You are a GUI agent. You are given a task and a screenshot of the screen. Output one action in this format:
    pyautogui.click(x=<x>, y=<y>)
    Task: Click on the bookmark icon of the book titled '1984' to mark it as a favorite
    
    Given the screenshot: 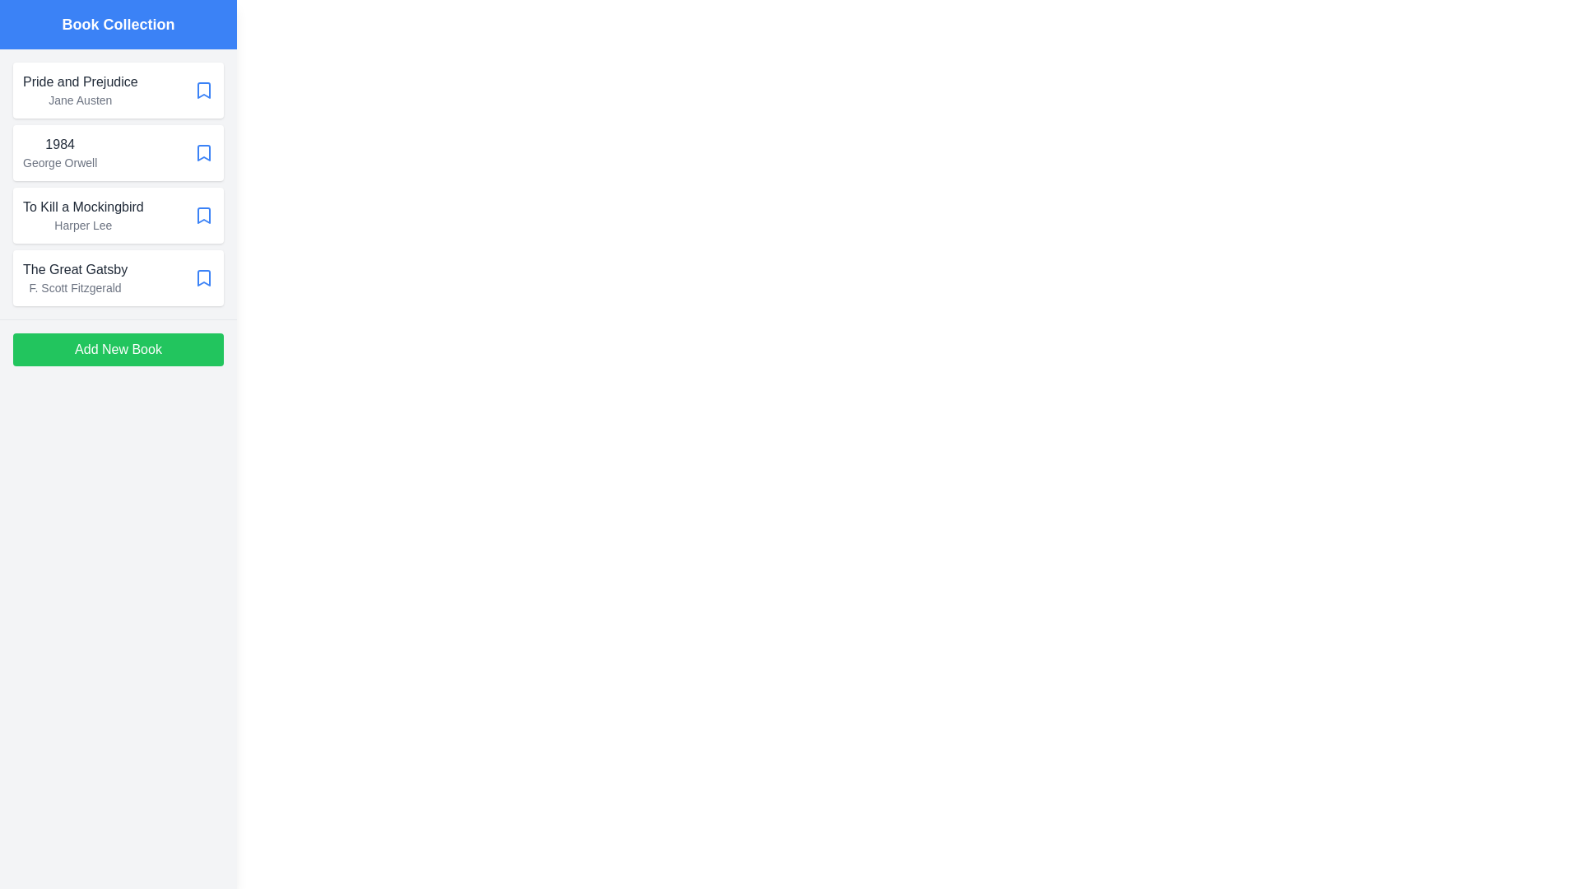 What is the action you would take?
    pyautogui.click(x=203, y=152)
    